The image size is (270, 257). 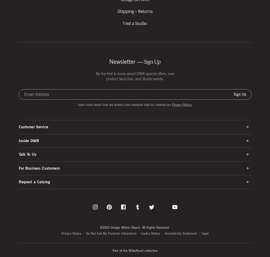 I want to click on '©2023 Design Within Reach. All Rights Reserved.', so click(x=100, y=227).